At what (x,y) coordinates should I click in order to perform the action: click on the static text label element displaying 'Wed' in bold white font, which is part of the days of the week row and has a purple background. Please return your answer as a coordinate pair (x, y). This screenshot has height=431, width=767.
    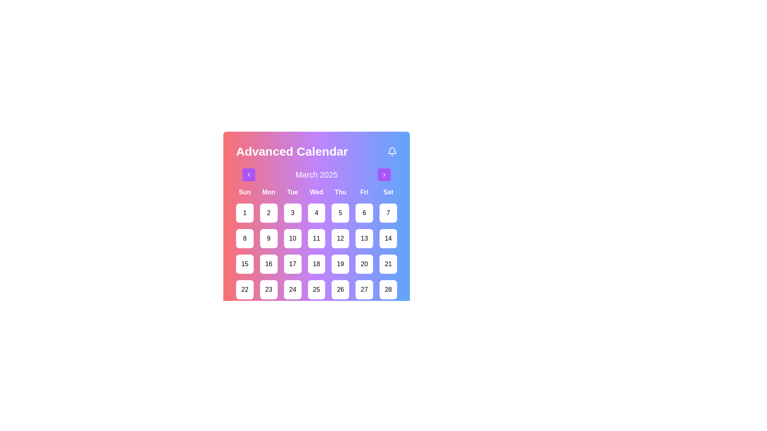
    Looking at the image, I should click on (316, 192).